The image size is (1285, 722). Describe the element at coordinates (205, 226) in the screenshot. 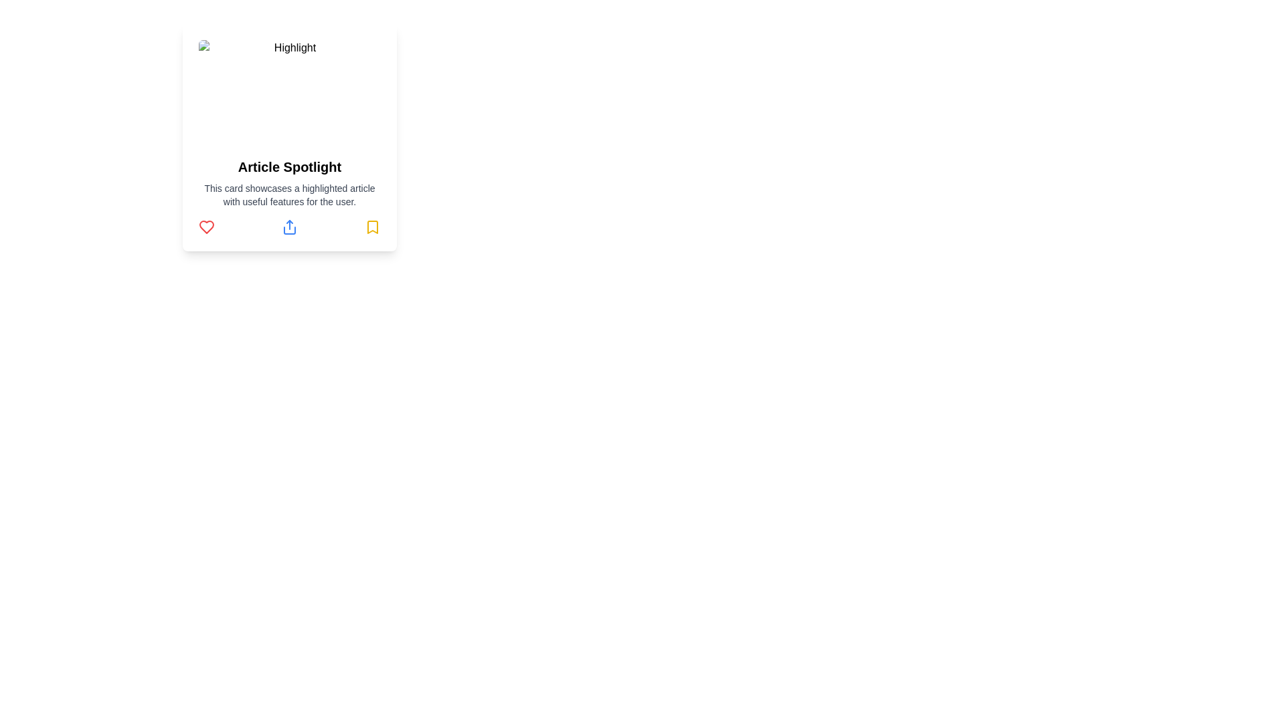

I see `the leftmost 'Like' or 'Favorite' icon button located at the bottom-left corner of the white card interface` at that location.